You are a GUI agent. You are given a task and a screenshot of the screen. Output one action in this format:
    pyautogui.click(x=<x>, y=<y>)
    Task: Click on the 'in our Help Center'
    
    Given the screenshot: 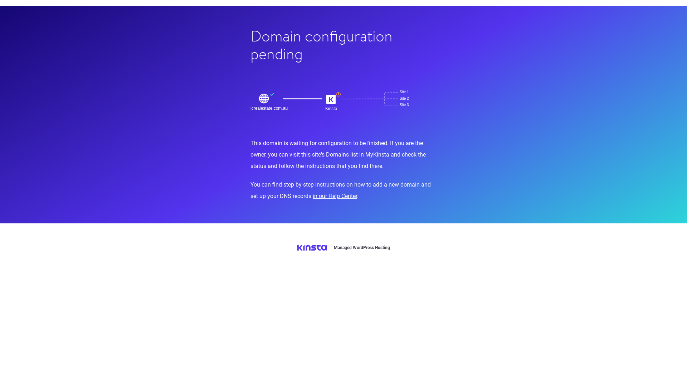 What is the action you would take?
    pyautogui.click(x=335, y=196)
    